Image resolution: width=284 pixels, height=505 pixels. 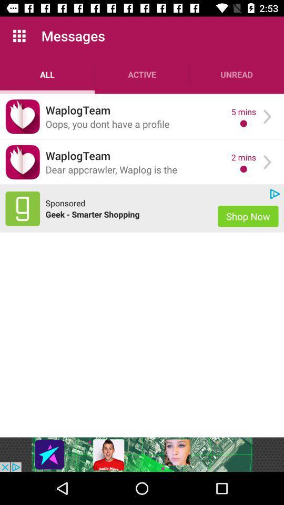 What do you see at coordinates (23, 116) in the screenshot?
I see `the button` at bounding box center [23, 116].